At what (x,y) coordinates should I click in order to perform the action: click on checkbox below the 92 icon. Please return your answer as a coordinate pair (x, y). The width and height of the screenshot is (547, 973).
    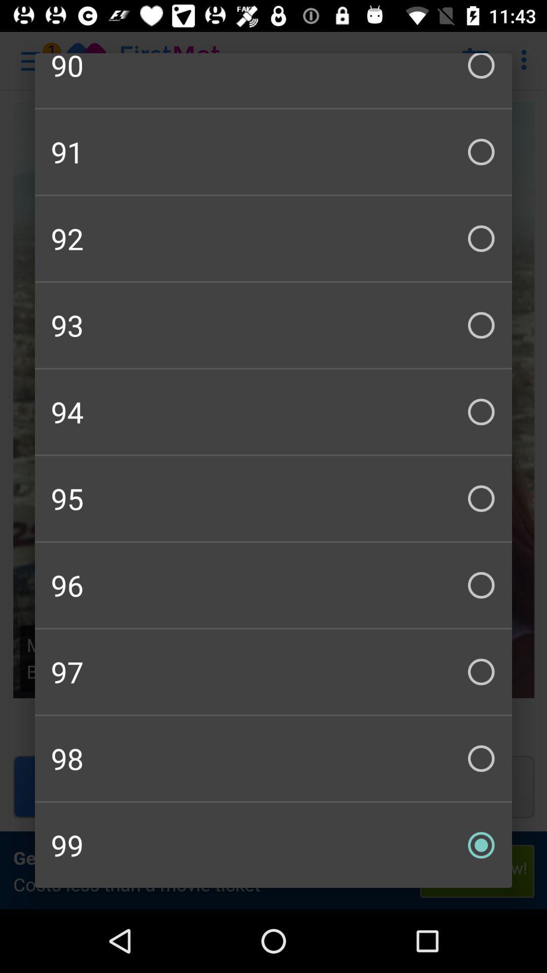
    Looking at the image, I should click on (273, 325).